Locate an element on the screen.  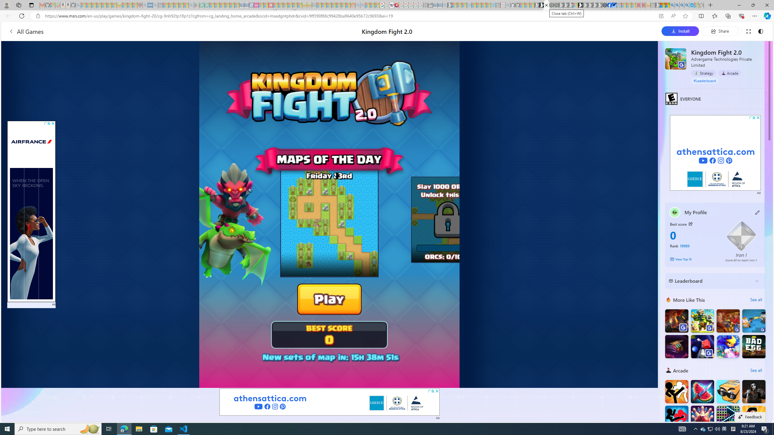
'Services - Maintenance | Sky Blue Bikes - Sky Blue Bikes' is located at coordinates (691, 5).